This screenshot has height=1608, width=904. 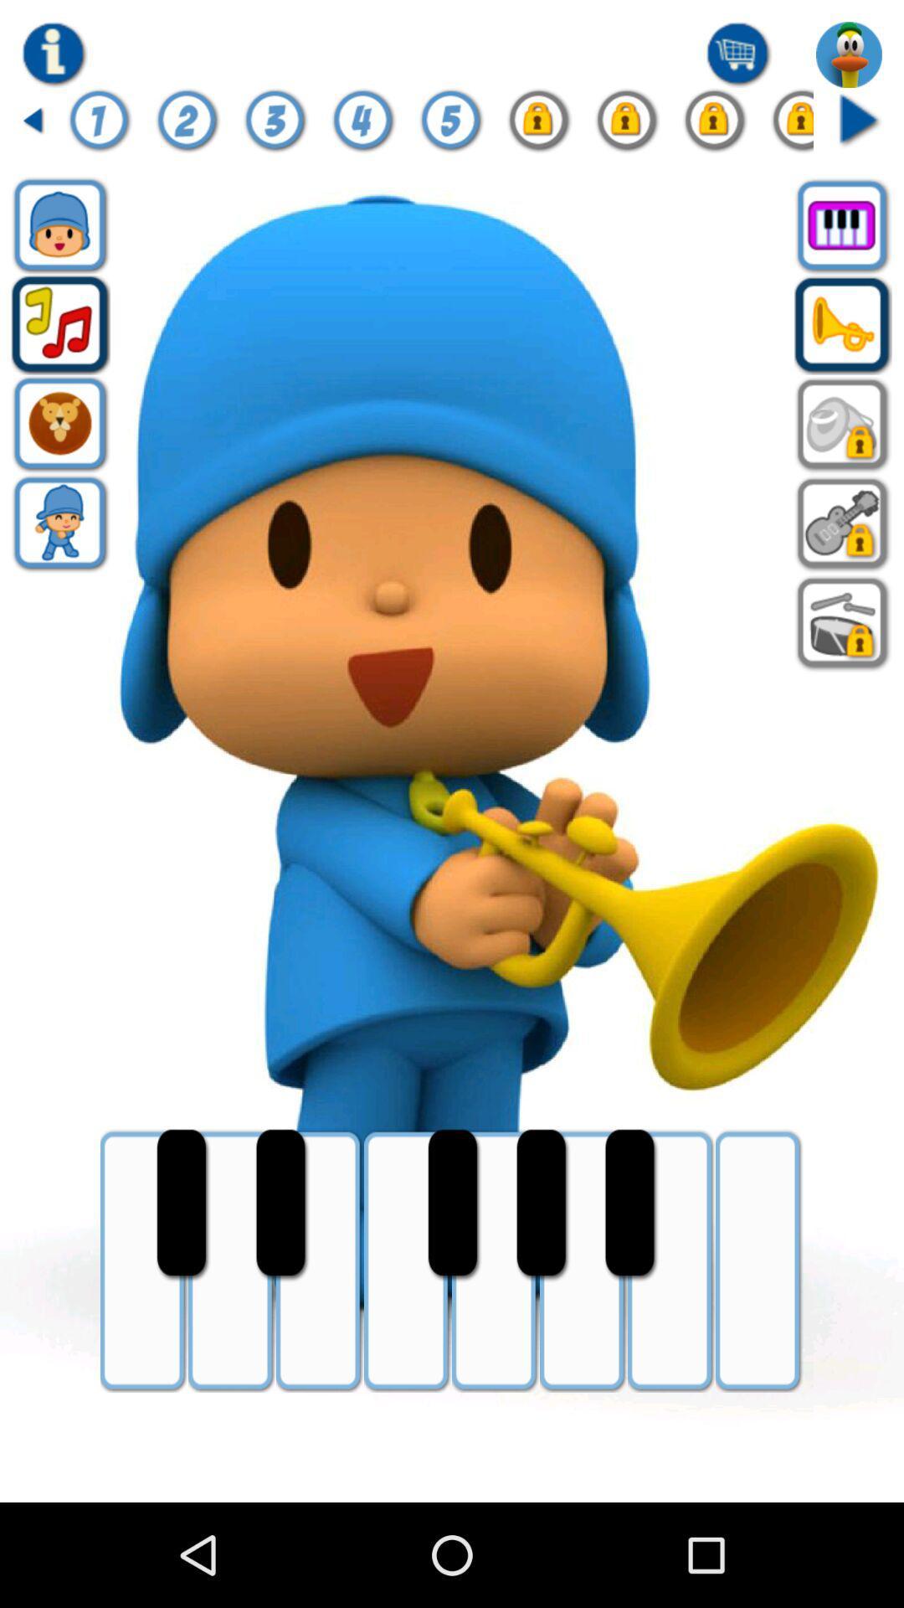 What do you see at coordinates (627, 128) in the screenshot?
I see `the lock icon` at bounding box center [627, 128].